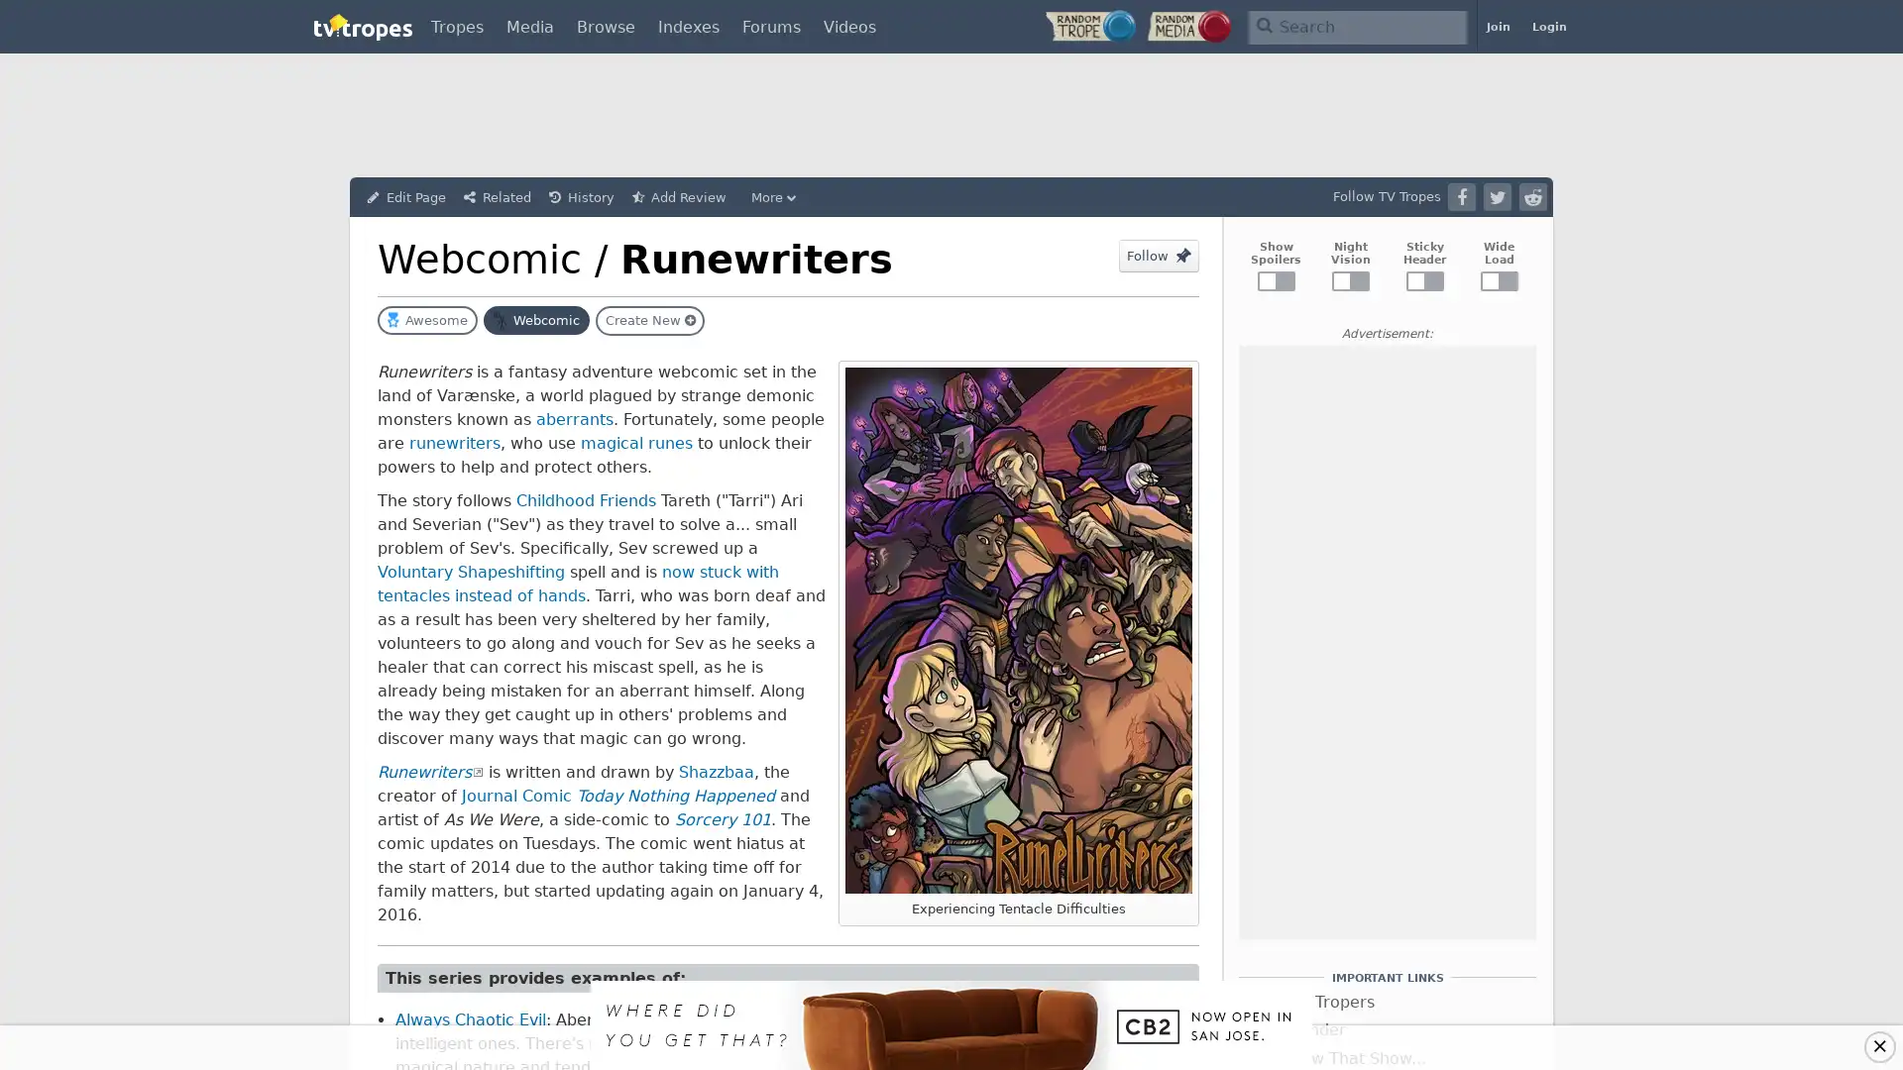 The image size is (1903, 1070). Describe the element at coordinates (775, 197) in the screenshot. I see `More` at that location.